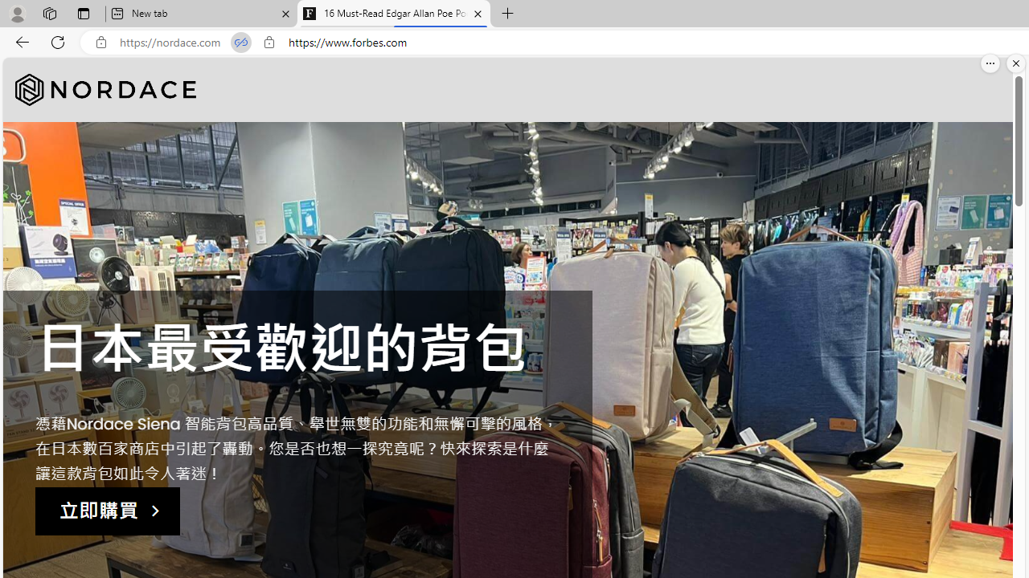 This screenshot has width=1029, height=578. What do you see at coordinates (200, 14) in the screenshot?
I see `'New tab'` at bounding box center [200, 14].